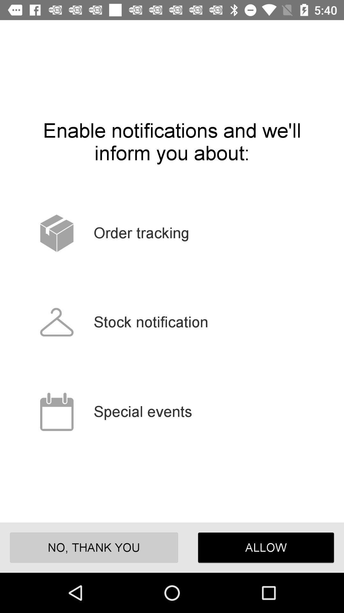 The height and width of the screenshot is (613, 344). Describe the element at coordinates (94, 547) in the screenshot. I see `the item to the left of the allow item` at that location.